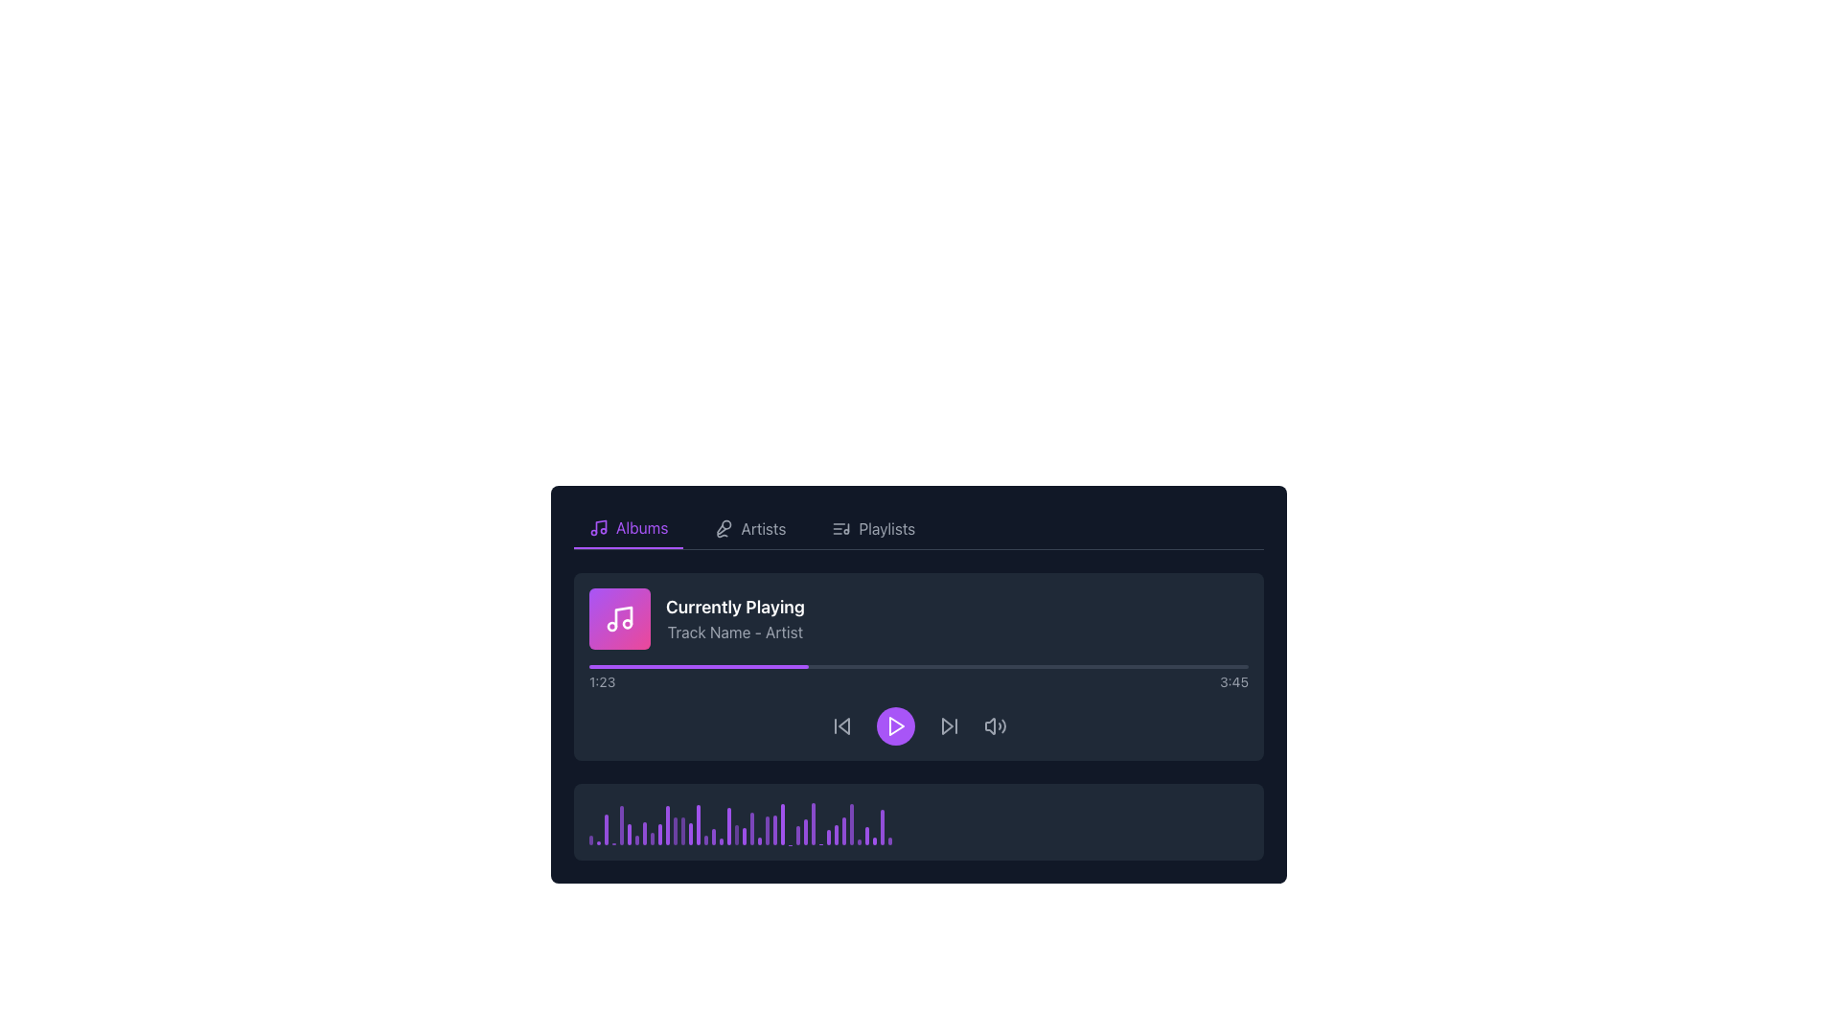 The image size is (1840, 1035). Describe the element at coordinates (629, 528) in the screenshot. I see `the active navigation tab labeled 'Albums', which is styled with a purple underline and has a musical note icon to its left` at that location.